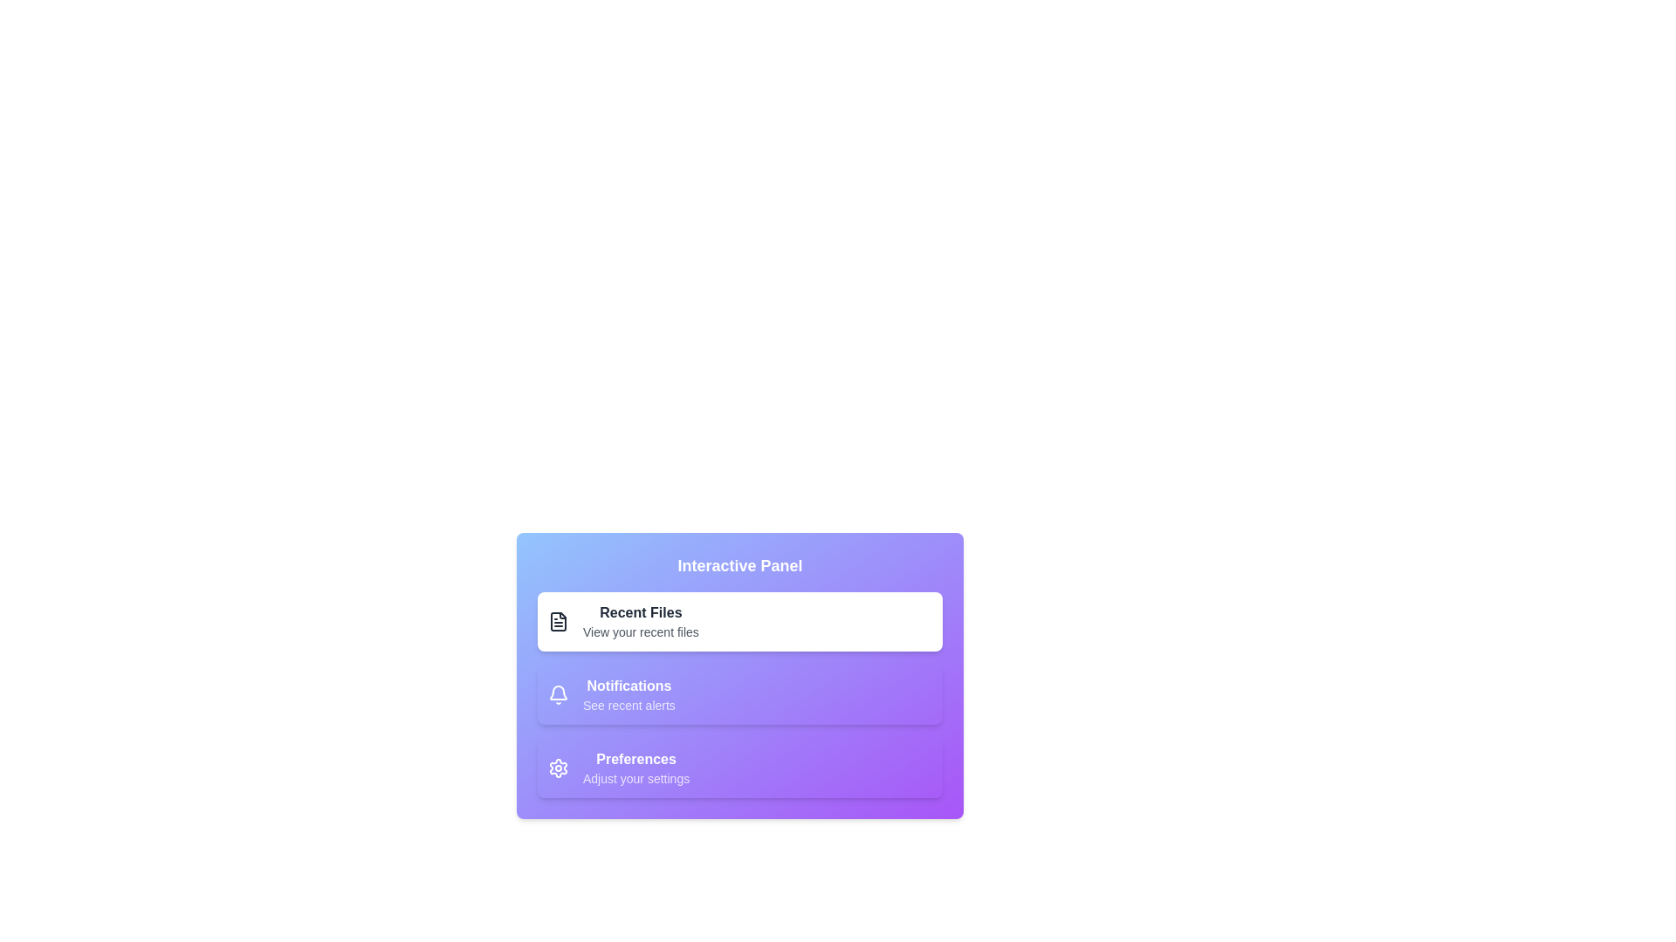 This screenshot has height=942, width=1676. Describe the element at coordinates (740, 621) in the screenshot. I see `the section Recent Files by clicking on its area` at that location.